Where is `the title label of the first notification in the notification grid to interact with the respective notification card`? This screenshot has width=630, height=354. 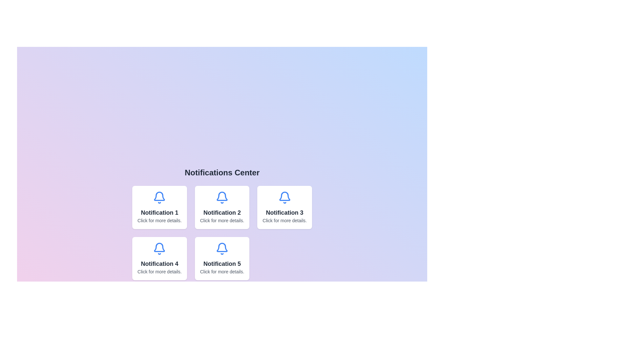
the title label of the first notification in the notification grid to interact with the respective notification card is located at coordinates (159, 212).